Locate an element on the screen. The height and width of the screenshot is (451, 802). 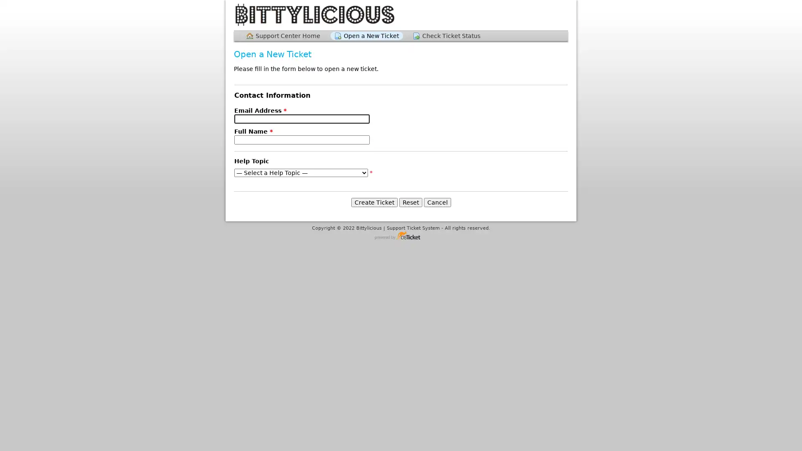
Cancel is located at coordinates (437, 203).